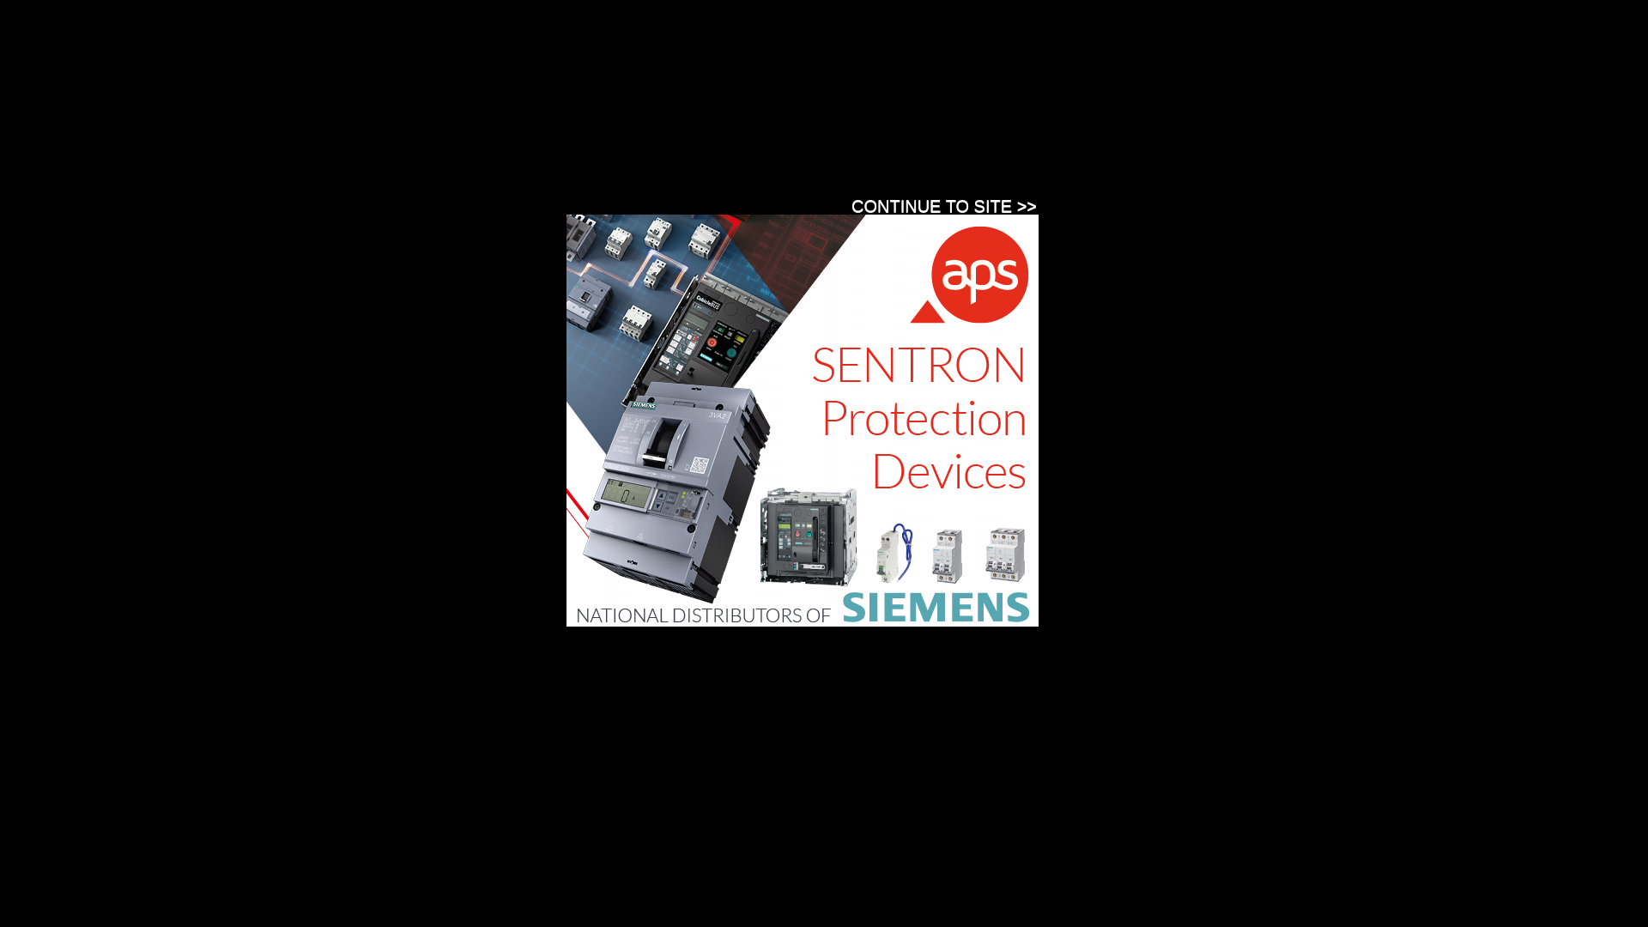 The image size is (1648, 927). What do you see at coordinates (380, 201) in the screenshot?
I see `'The Magazine'` at bounding box center [380, 201].